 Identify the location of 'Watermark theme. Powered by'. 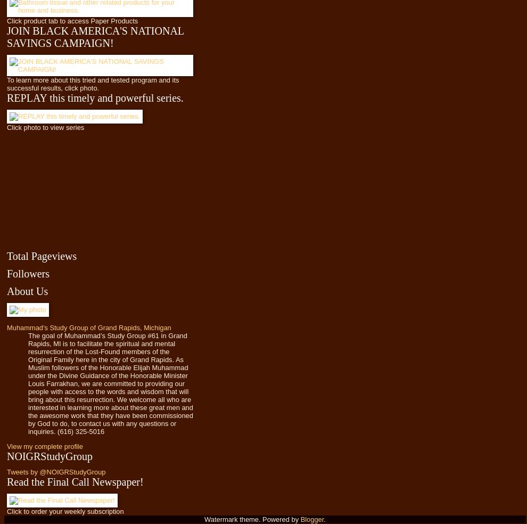
(204, 519).